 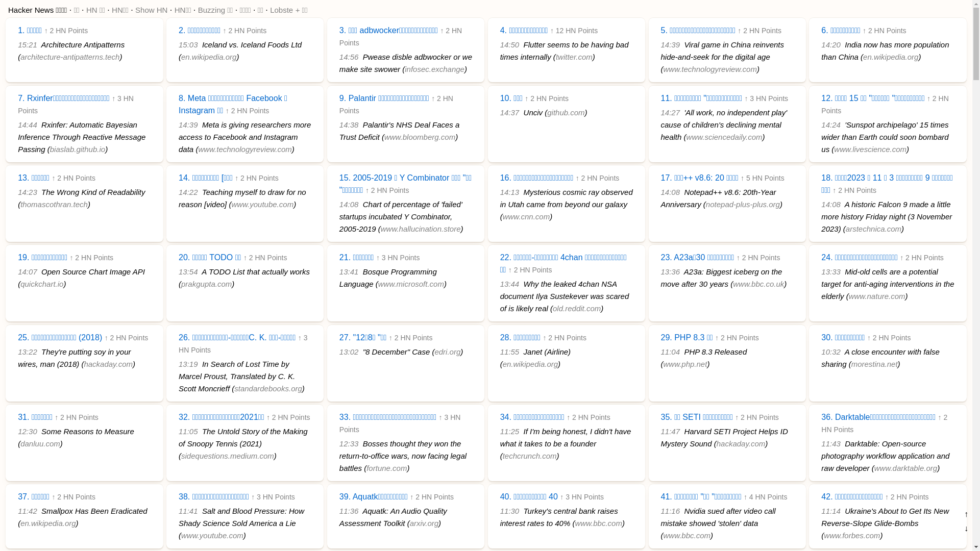 I want to click on 'www.cnn.com', so click(x=502, y=216).